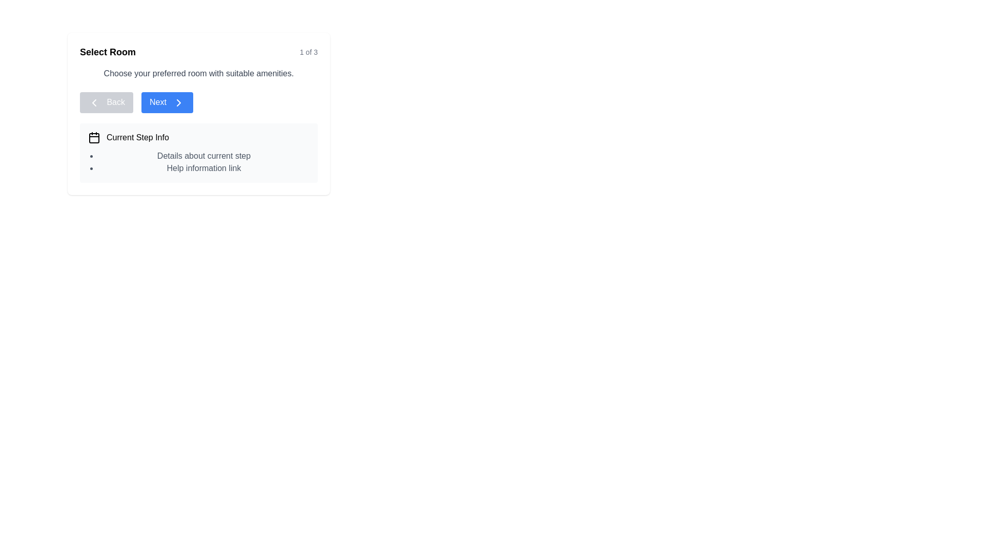 This screenshot has width=984, height=553. What do you see at coordinates (167, 102) in the screenshot?
I see `the 'Next' button with a blue background and white text, located in the 'Select Room' section to advance` at bounding box center [167, 102].